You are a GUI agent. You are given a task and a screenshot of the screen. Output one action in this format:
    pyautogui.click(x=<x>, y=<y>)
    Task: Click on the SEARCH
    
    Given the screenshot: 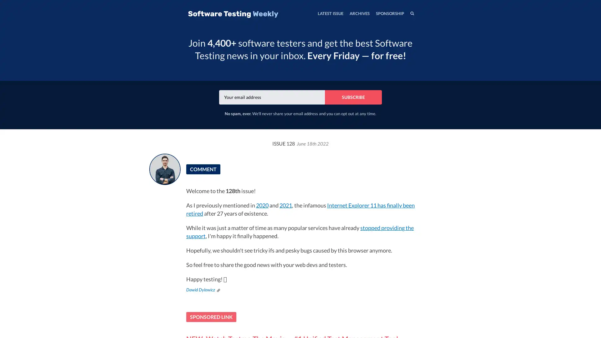 What is the action you would take?
    pyautogui.click(x=399, y=13)
    